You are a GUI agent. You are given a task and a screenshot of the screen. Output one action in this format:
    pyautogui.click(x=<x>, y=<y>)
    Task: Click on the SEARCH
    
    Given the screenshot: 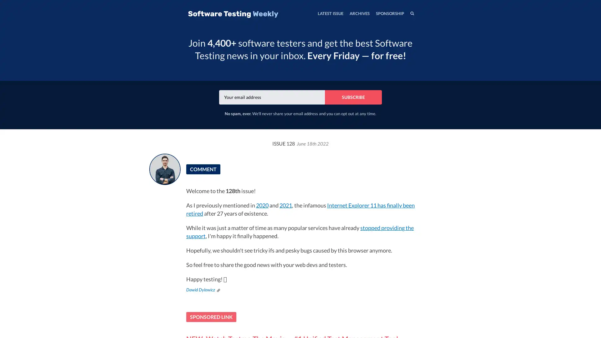 What is the action you would take?
    pyautogui.click(x=399, y=13)
    